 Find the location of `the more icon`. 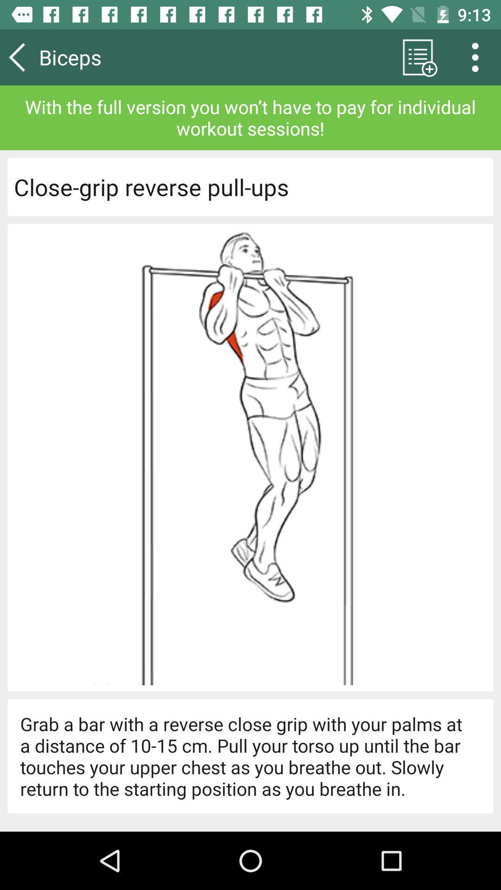

the more icon is located at coordinates (478, 57).